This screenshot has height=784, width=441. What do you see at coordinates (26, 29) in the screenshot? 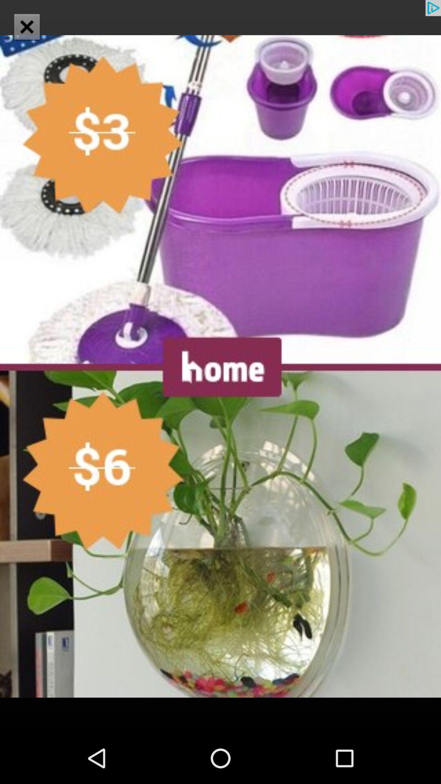
I see `the close icon` at bounding box center [26, 29].